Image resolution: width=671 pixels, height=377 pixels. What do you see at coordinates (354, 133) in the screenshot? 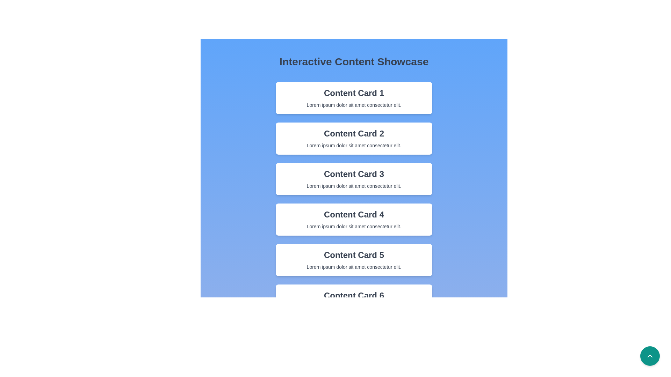
I see `text from the 'Content Card 2' label, which is a bold and large font title in a white card on a blue gradient background` at bounding box center [354, 133].